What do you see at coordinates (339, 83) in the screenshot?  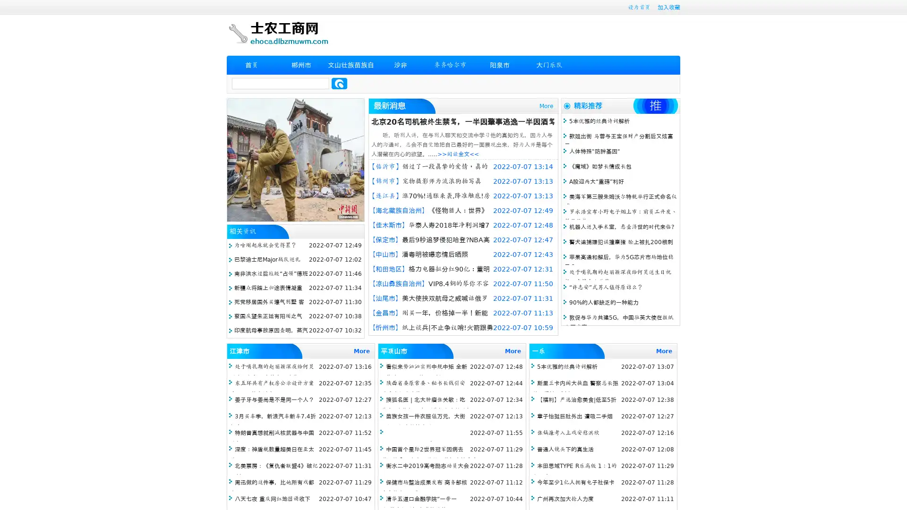 I see `Search` at bounding box center [339, 83].